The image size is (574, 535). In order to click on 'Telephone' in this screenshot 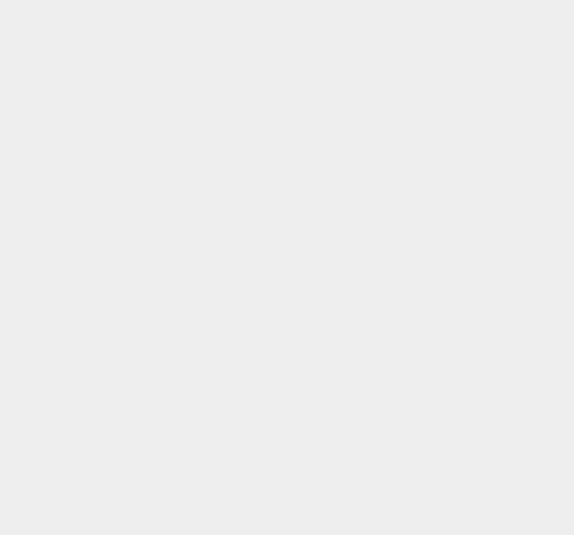, I will do `click(421, 92)`.